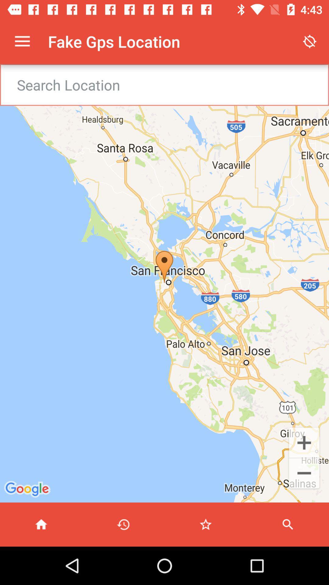 The width and height of the screenshot is (329, 585). Describe the element at coordinates (288, 524) in the screenshot. I see `search map` at that location.